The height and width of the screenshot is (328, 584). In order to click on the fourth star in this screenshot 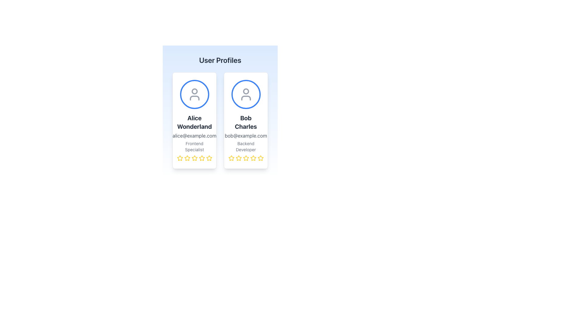, I will do `click(246, 158)`.